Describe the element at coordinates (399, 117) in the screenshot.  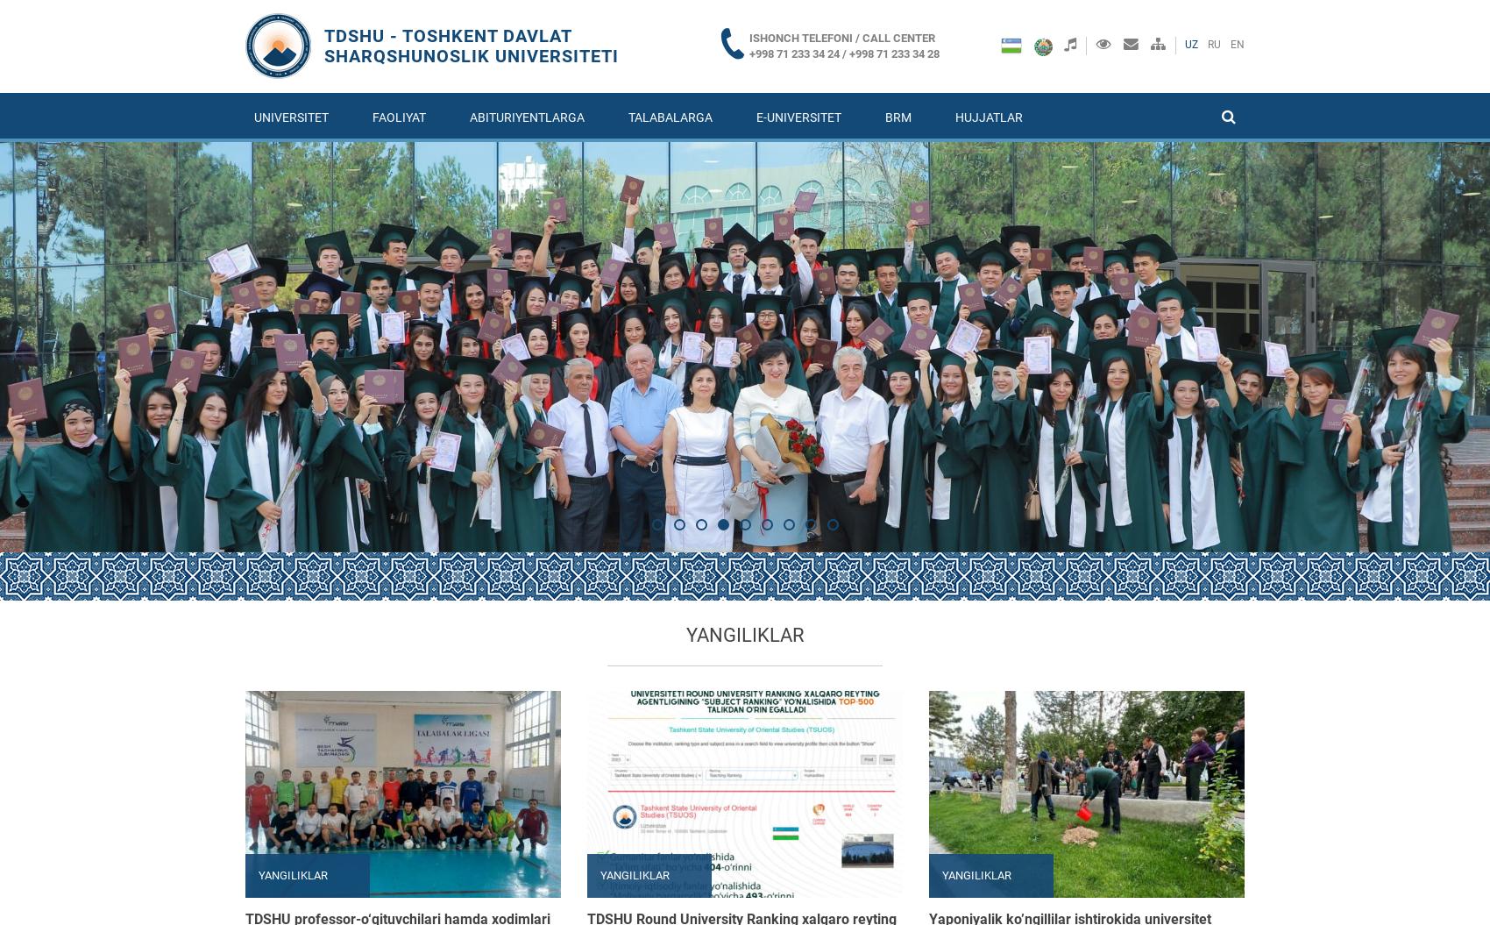
I see `'FAOLIYAT'` at that location.